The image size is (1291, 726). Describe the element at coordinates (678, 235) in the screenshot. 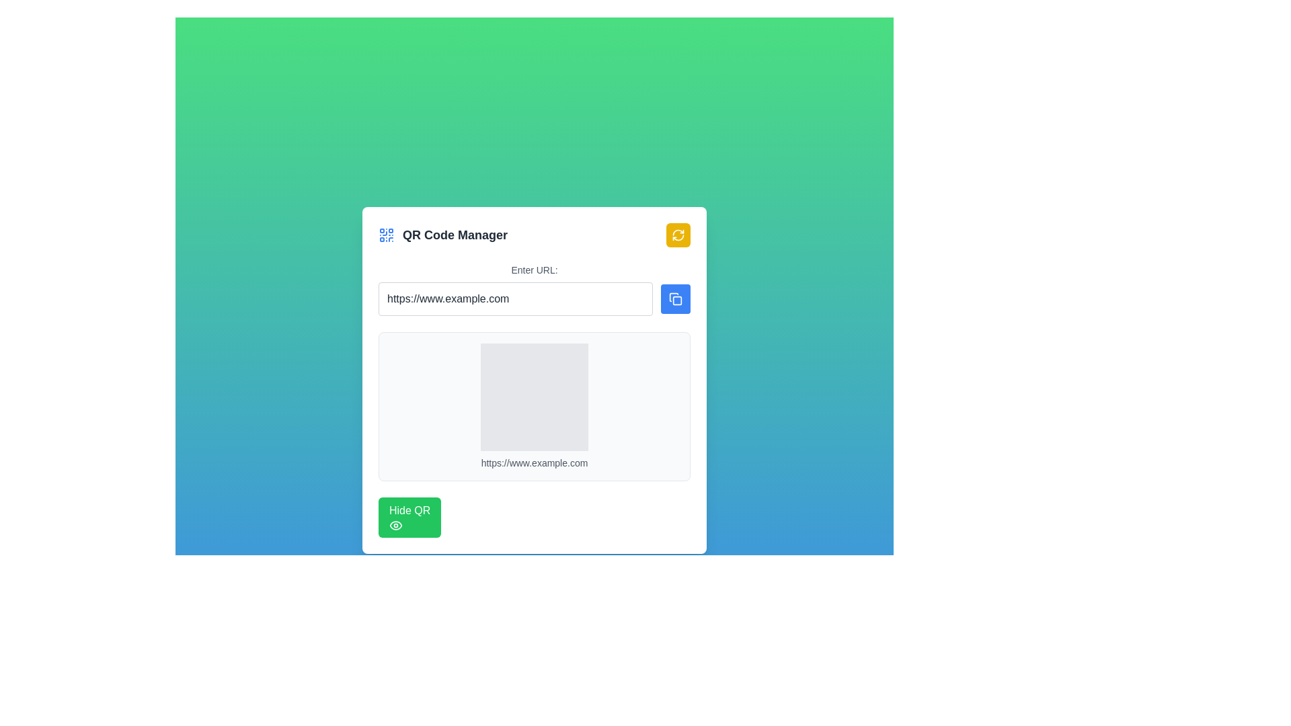

I see `the refresh button with a yellow background and white text located in the top-right corner of the 'QR Code Manager' section to refresh the interface` at that location.